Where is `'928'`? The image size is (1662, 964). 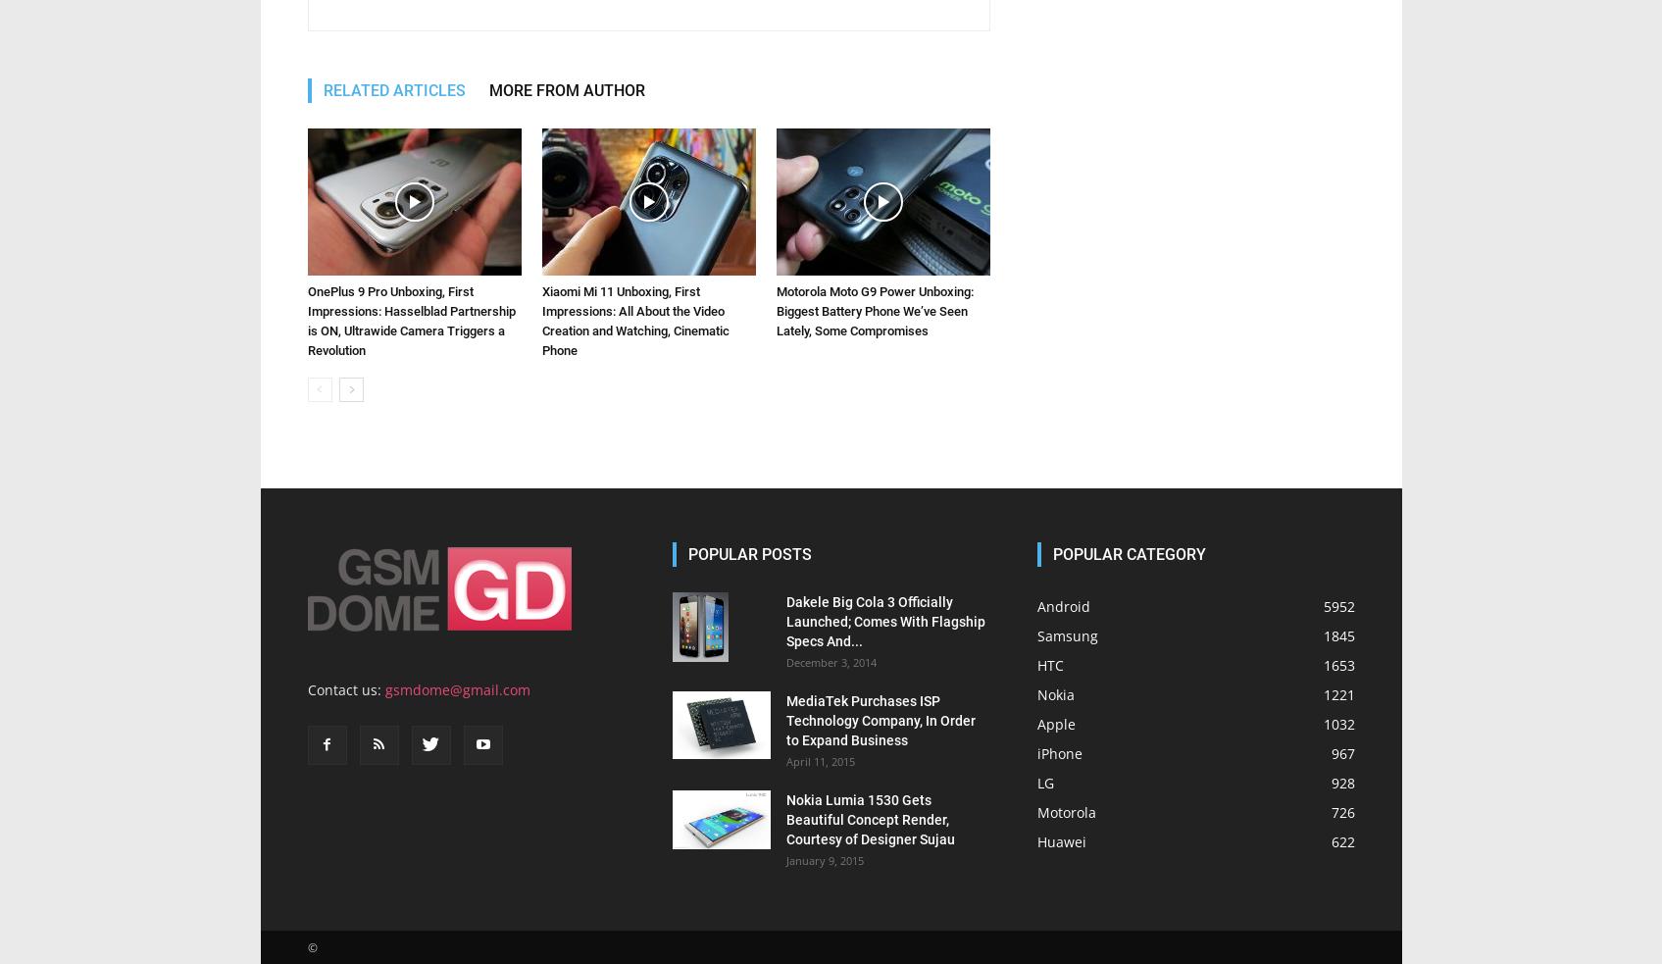 '928' is located at coordinates (1342, 513).